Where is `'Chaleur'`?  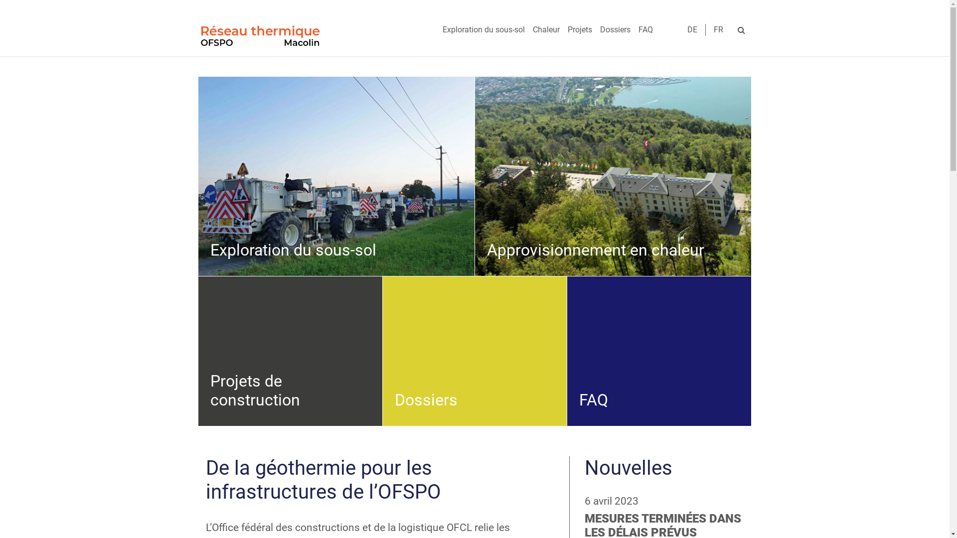
'Chaleur' is located at coordinates (528, 29).